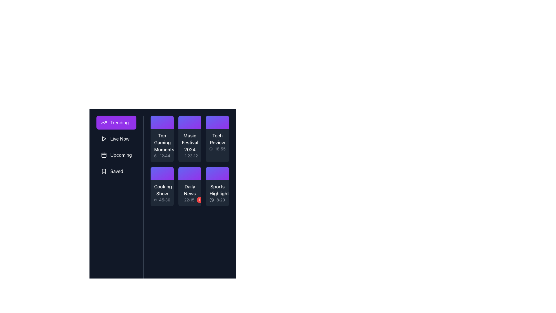 The height and width of the screenshot is (313, 556). I want to click on the clock icon located in the bottom-right corner of the 'Sports Highlight' card, so click(211, 200).